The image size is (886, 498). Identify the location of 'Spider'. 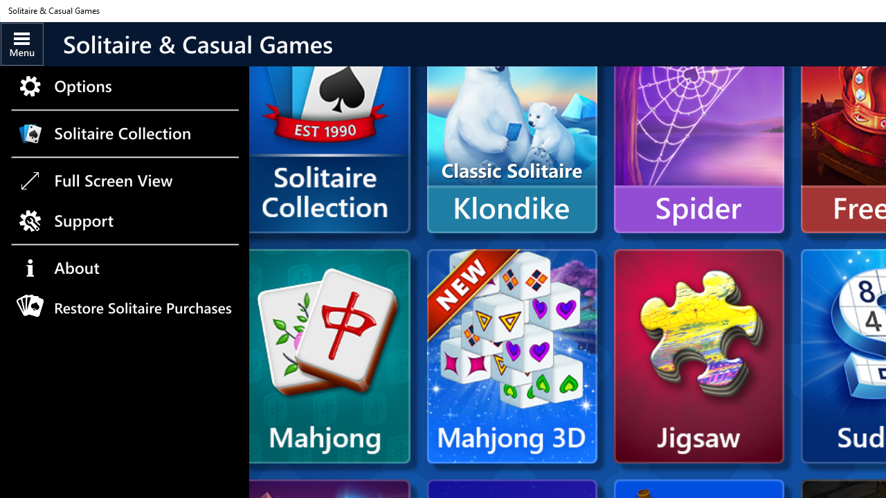
(698, 126).